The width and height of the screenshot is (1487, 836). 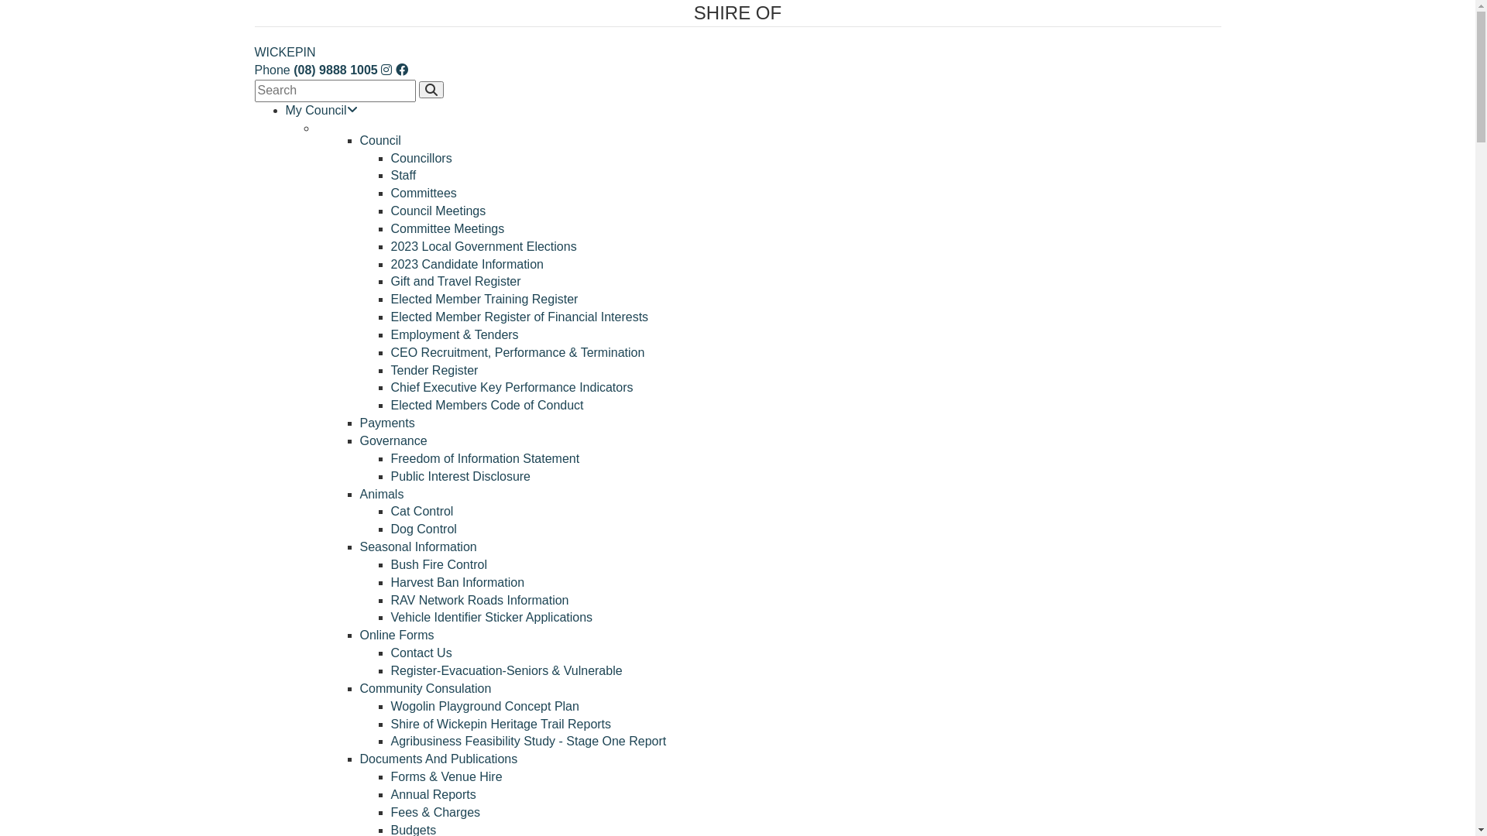 What do you see at coordinates (390, 723) in the screenshot?
I see `'Shire of Wickepin Heritage Trail Reports'` at bounding box center [390, 723].